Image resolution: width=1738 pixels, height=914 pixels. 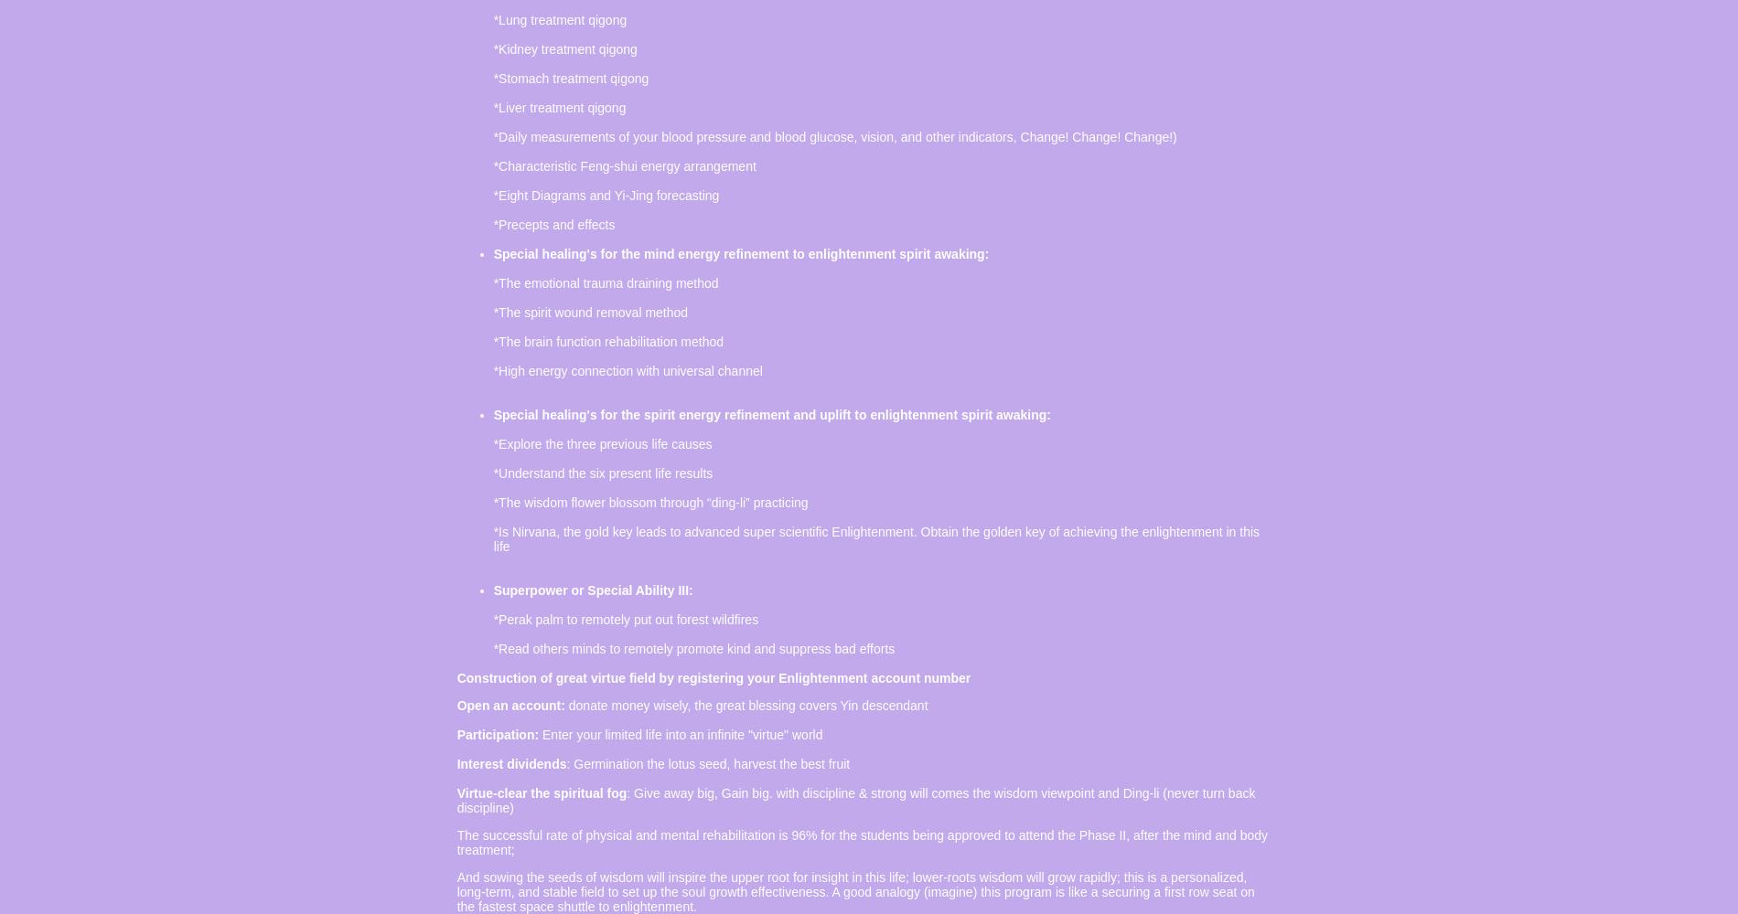 What do you see at coordinates (861, 843) in the screenshot?
I see `'The successful rate of physical and mental rehabilitation is 96% for the students being approved to attend the Phase II, after the mind and body treatment;'` at bounding box center [861, 843].